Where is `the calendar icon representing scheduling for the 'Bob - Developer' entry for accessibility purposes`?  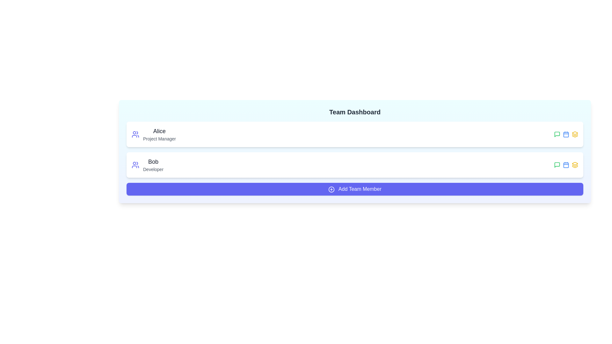 the calendar icon representing scheduling for the 'Bob - Developer' entry for accessibility purposes is located at coordinates (566, 164).